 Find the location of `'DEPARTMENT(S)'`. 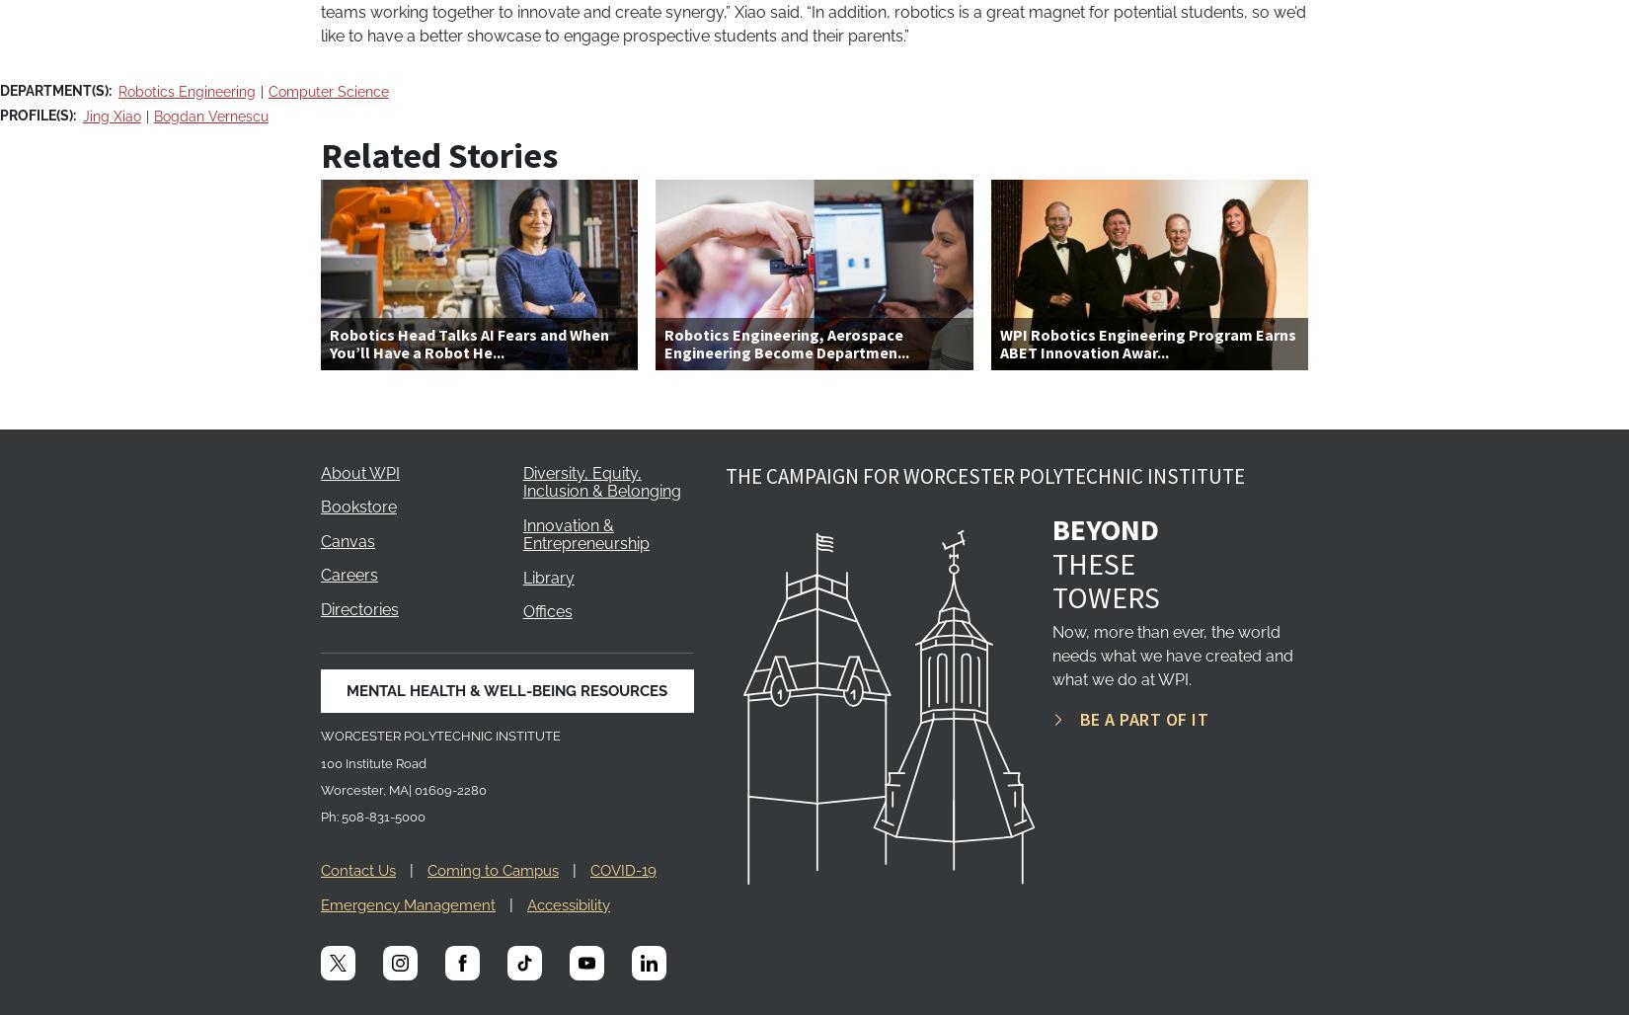

'DEPARTMENT(S)' is located at coordinates (0, 90).